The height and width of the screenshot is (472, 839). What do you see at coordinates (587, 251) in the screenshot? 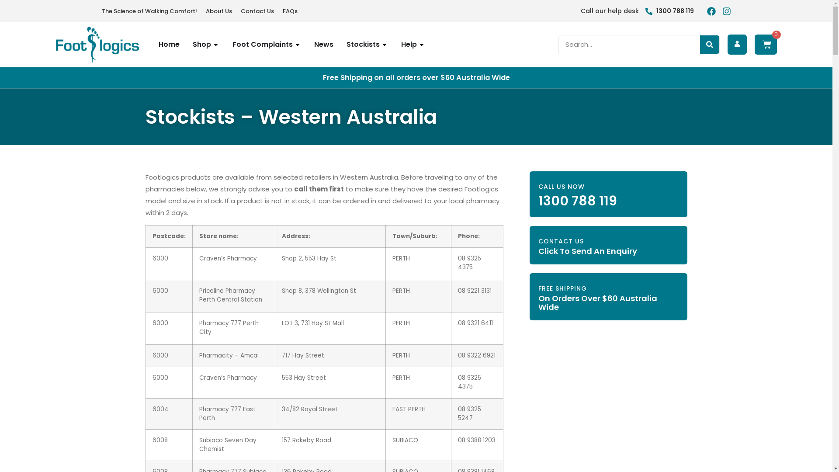
I see `'Click To Send An Enquiry'` at bounding box center [587, 251].